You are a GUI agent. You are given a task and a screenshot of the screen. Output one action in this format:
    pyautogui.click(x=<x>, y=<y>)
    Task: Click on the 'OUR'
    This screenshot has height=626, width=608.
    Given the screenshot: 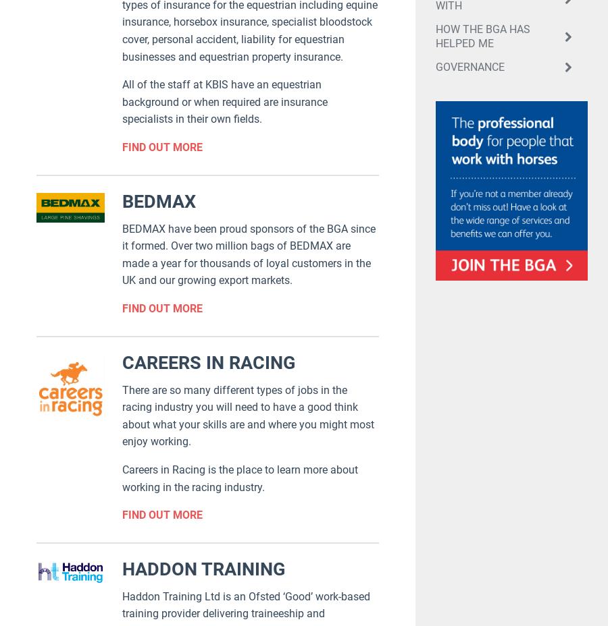 What is the action you would take?
    pyautogui.click(x=72, y=262)
    